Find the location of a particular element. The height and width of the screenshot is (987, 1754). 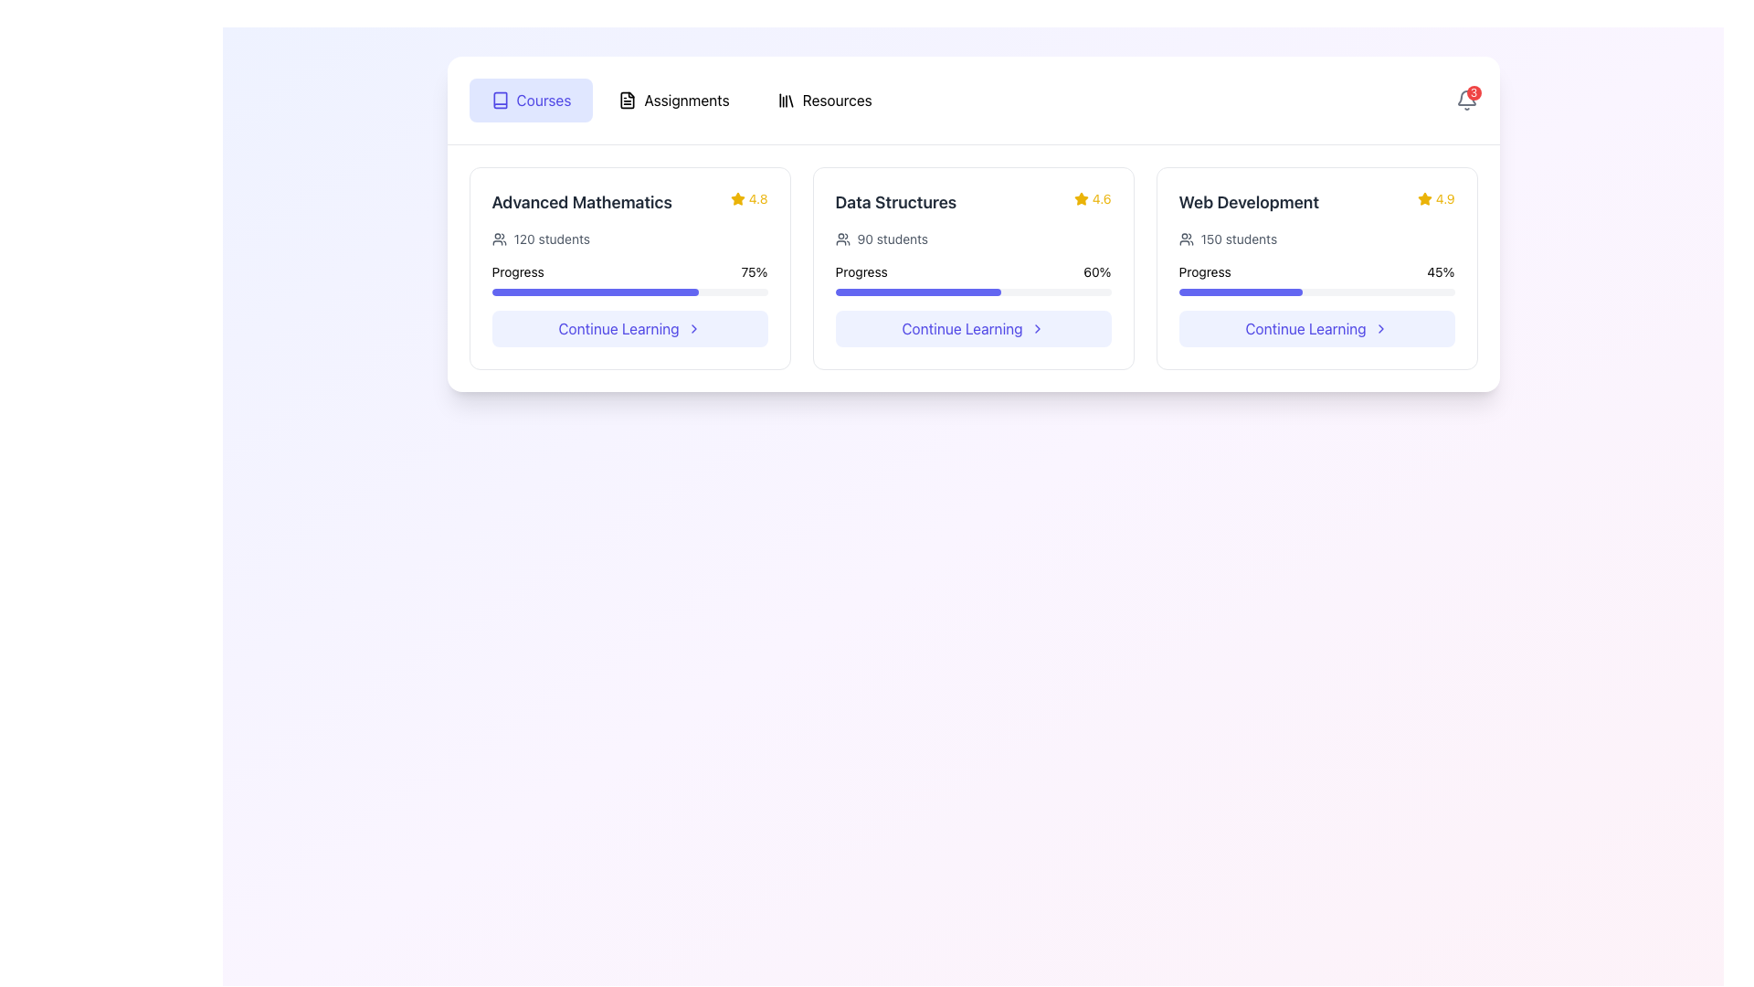

the Text label that serves as the title for the 'Web Development' course card, located in the top-right corner of the rightmost card in a grid of three cards is located at coordinates (1248, 203).